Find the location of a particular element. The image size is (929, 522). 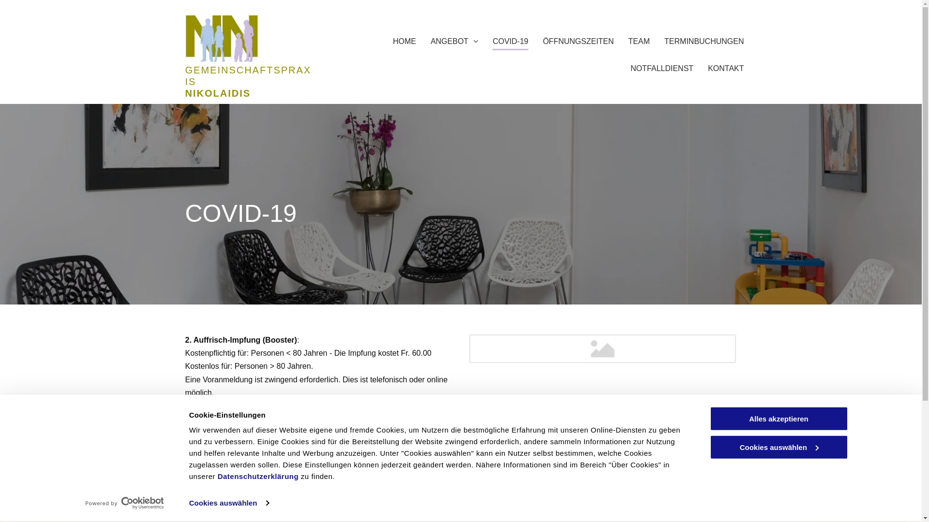

'TEAM' is located at coordinates (639, 39).